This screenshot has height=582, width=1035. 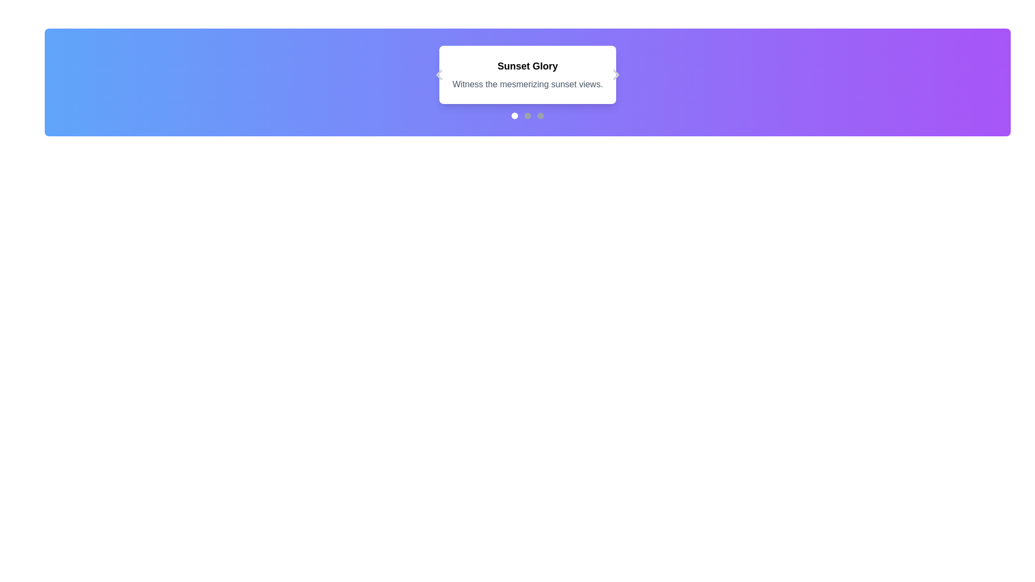 What do you see at coordinates (616, 74) in the screenshot?
I see `the right-chevron SVG icon used for navigation` at bounding box center [616, 74].